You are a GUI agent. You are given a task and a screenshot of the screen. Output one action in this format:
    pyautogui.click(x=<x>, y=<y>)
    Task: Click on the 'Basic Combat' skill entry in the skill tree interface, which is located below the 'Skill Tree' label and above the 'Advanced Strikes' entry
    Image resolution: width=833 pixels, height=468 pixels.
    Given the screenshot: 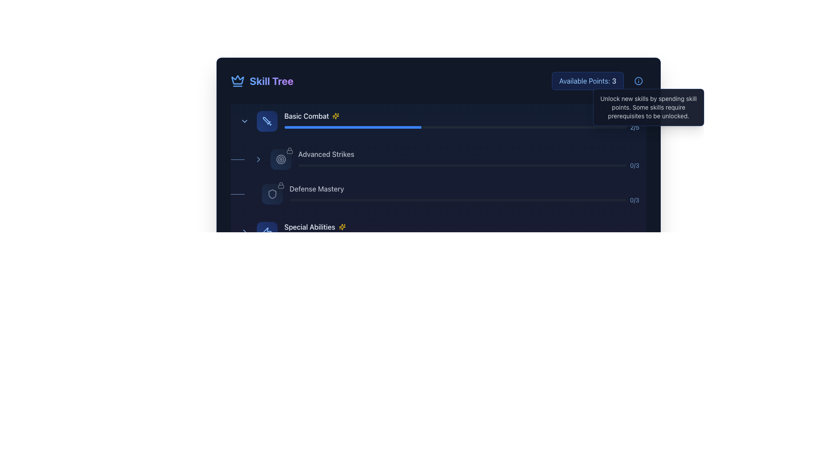 What is the action you would take?
    pyautogui.click(x=461, y=115)
    